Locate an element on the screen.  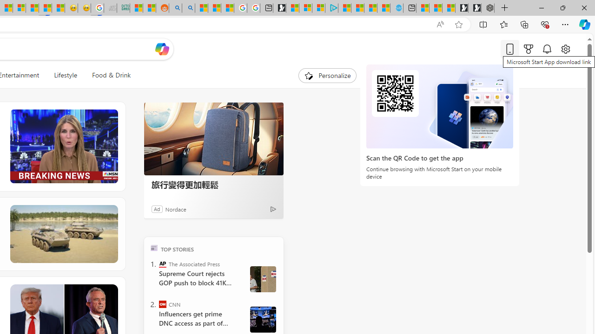
'Class: hero-image' is located at coordinates (63, 146).